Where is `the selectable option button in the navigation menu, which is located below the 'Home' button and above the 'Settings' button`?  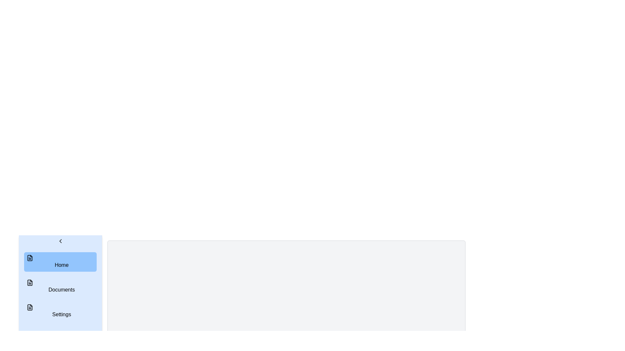 the selectable option button in the navigation menu, which is located below the 'Home' button and above the 'Settings' button is located at coordinates (60, 286).